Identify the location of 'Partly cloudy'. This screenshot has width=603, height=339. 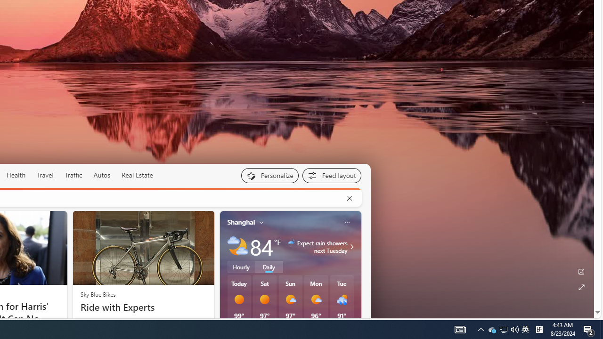
(237, 246).